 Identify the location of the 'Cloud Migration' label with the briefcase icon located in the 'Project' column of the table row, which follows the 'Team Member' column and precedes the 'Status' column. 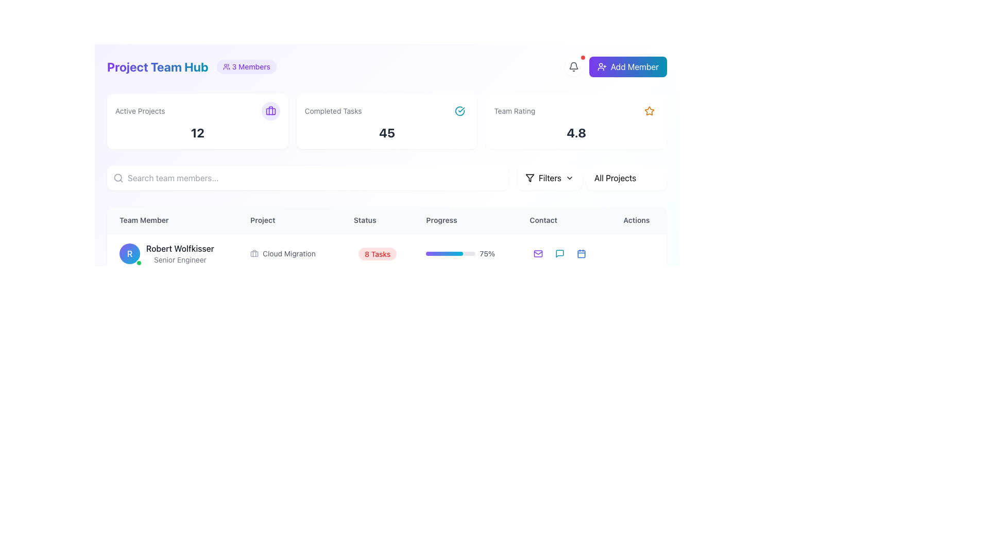
(289, 254).